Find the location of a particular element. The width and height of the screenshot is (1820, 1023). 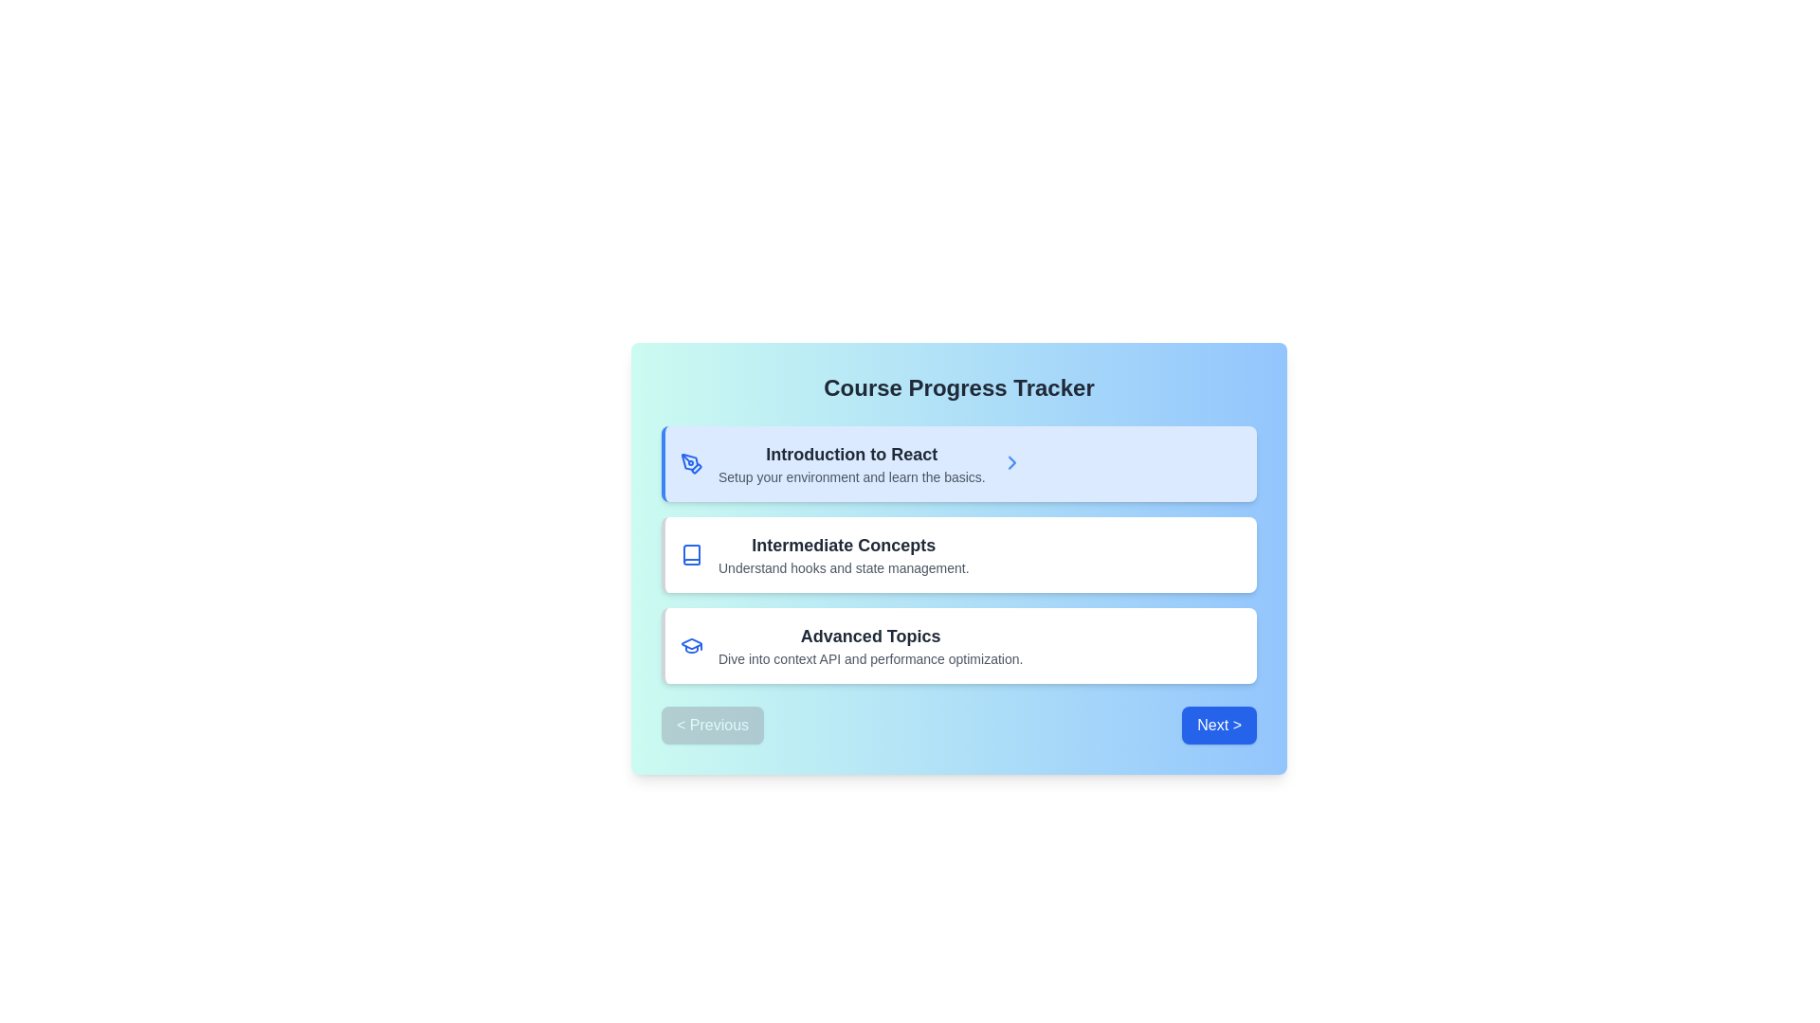

the visual representation of the Icon that denotes the 'Advanced Topics' section, positioned to the left of the text is located at coordinates (690, 645).